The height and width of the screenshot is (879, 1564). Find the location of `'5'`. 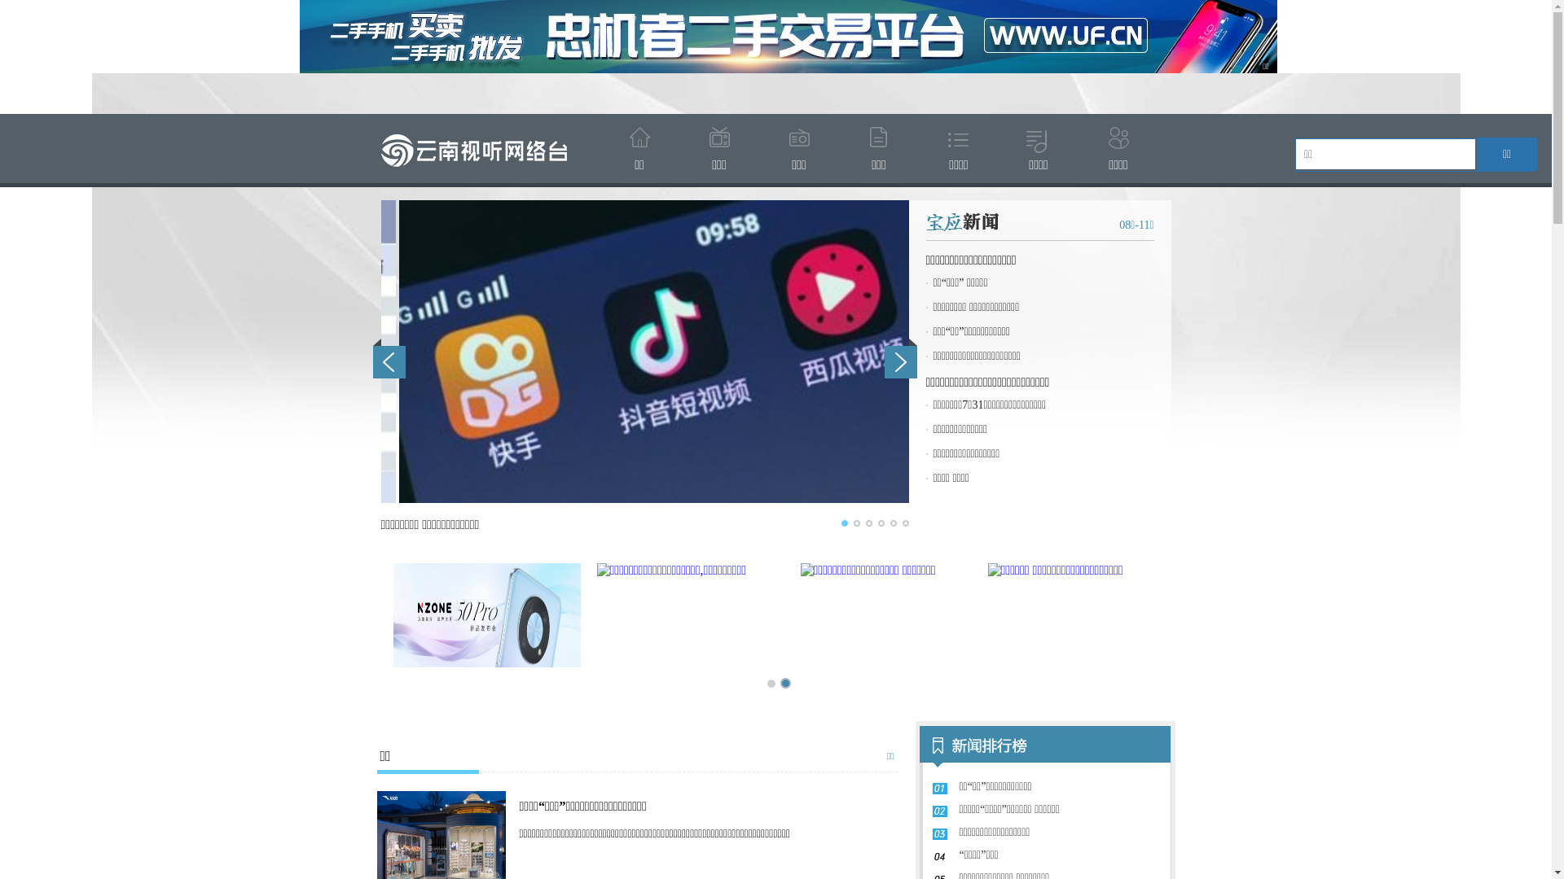

'5' is located at coordinates (891, 523).